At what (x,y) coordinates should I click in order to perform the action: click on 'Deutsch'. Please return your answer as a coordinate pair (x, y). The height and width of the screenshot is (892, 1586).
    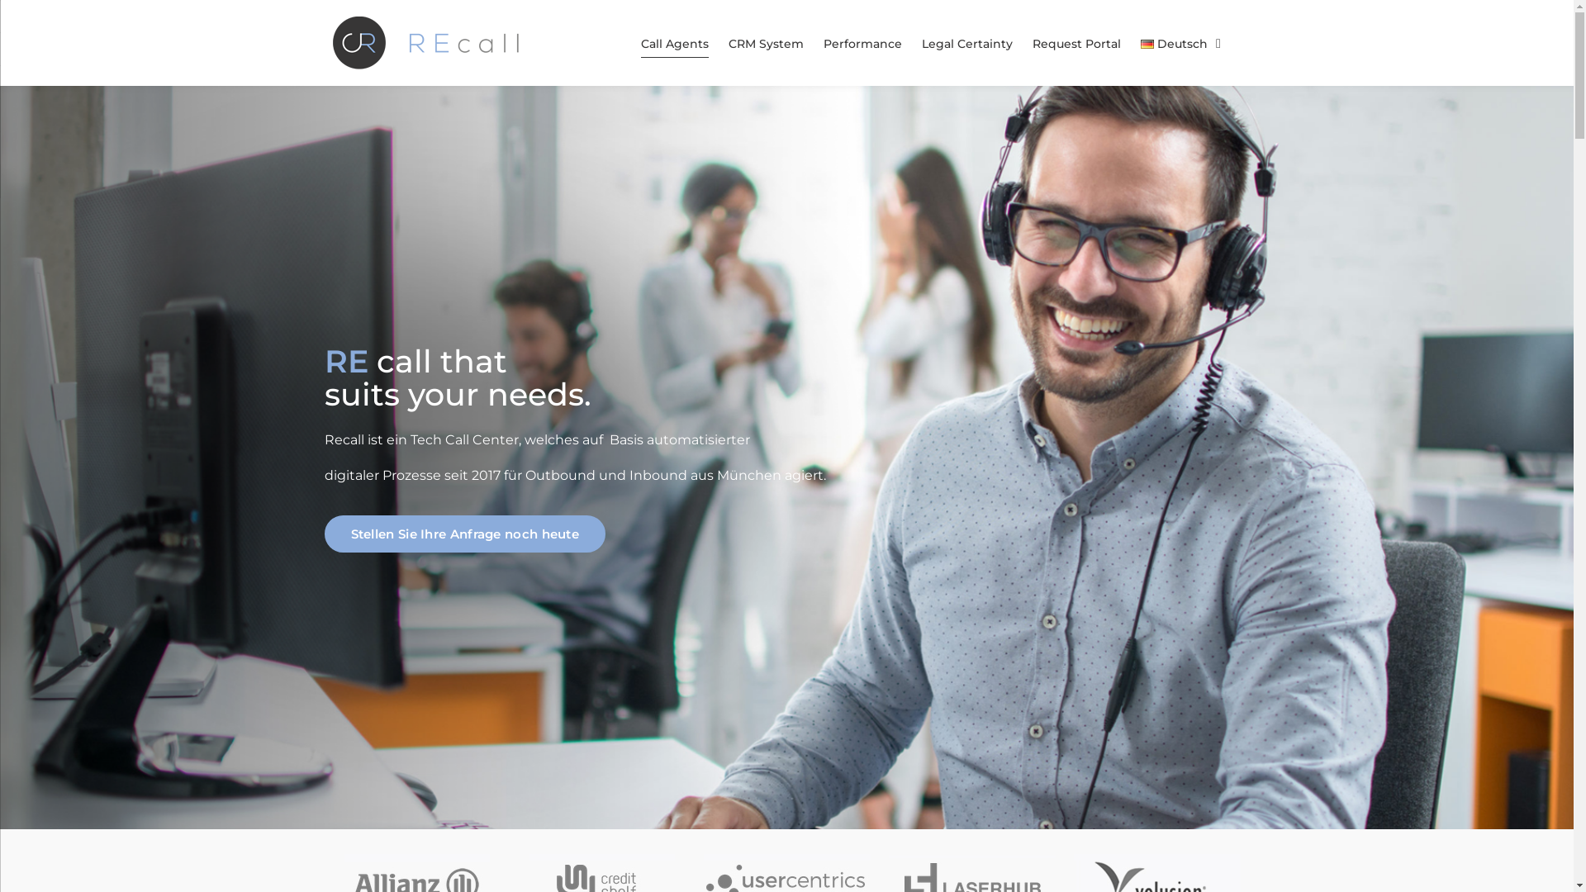
    Looking at the image, I should click on (1140, 43).